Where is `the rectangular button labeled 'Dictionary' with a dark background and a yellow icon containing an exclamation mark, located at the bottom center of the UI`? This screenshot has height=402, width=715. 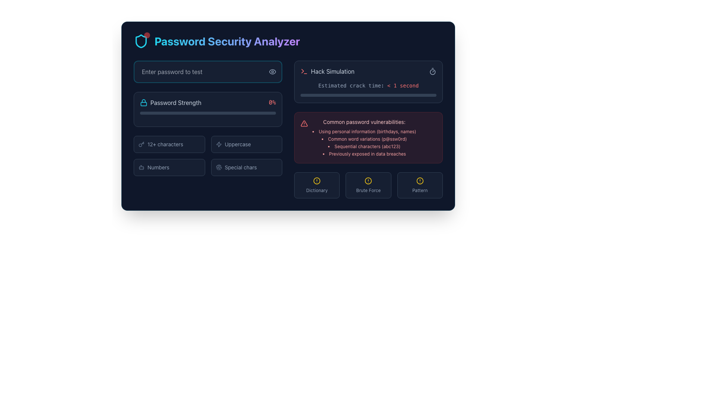
the rectangular button labeled 'Dictionary' with a dark background and a yellow icon containing an exclamation mark, located at the bottom center of the UI is located at coordinates (317, 185).